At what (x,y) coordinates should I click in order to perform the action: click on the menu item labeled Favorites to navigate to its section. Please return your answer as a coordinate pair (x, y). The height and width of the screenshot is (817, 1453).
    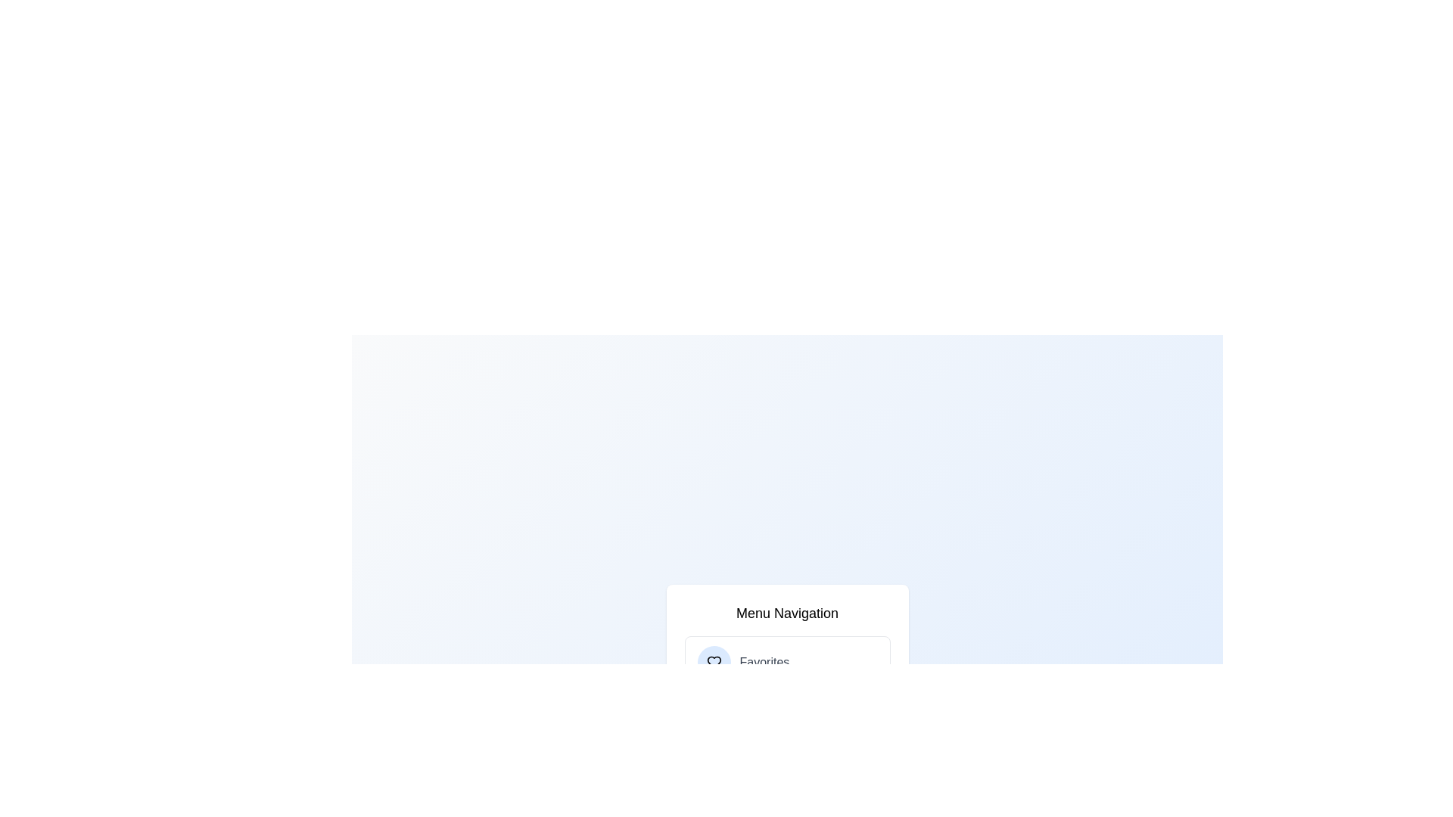
    Looking at the image, I should click on (787, 661).